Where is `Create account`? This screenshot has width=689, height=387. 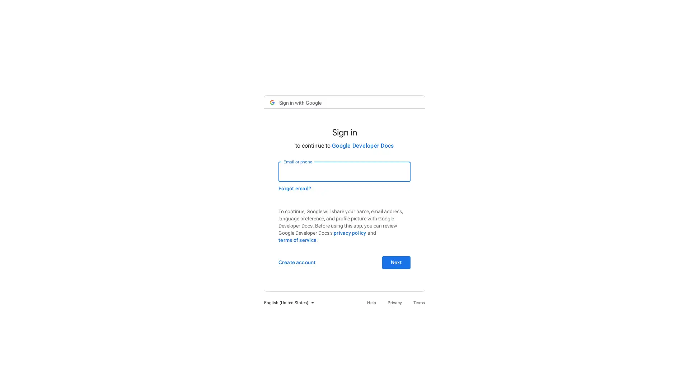 Create account is located at coordinates (297, 262).